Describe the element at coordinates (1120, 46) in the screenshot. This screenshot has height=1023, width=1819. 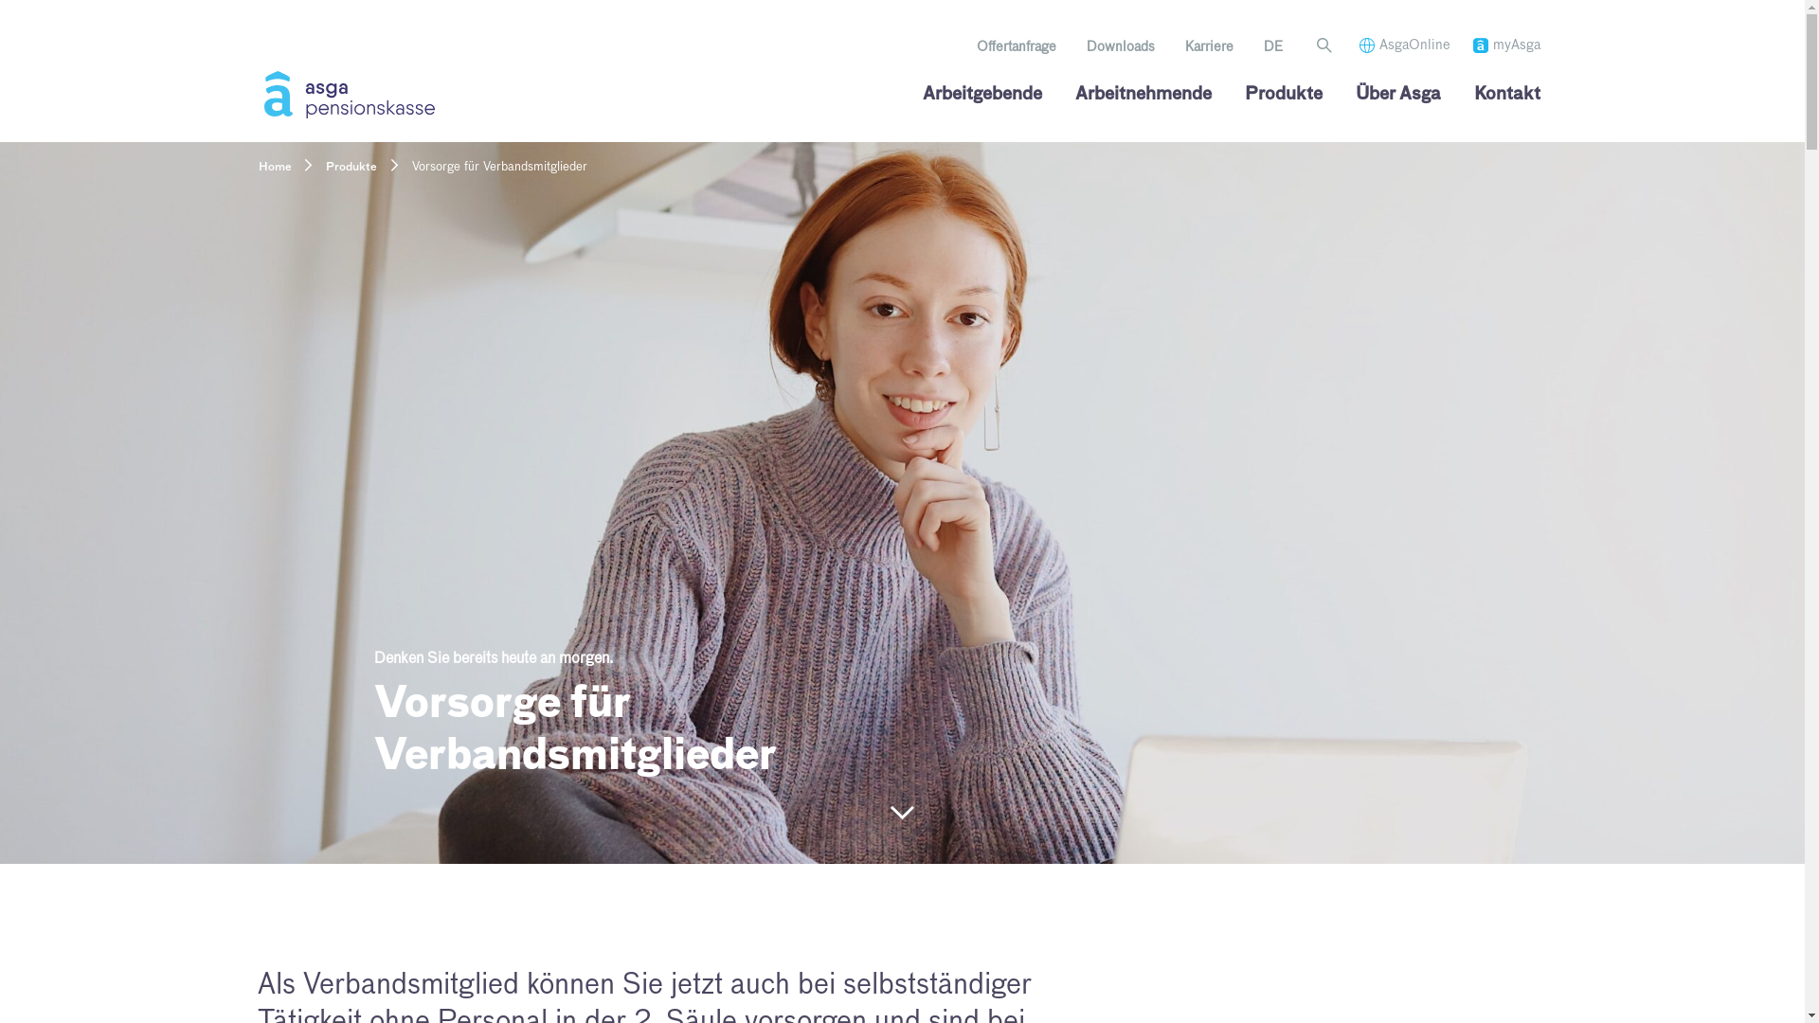
I see `'Downloads'` at that location.